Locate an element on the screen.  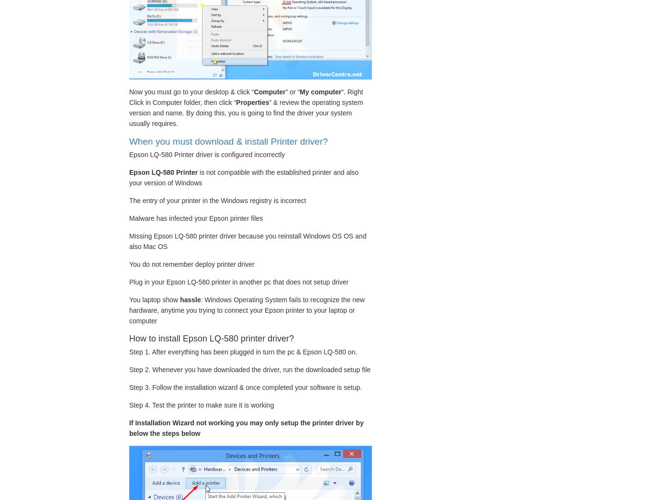
'When you must download & install Printer driver?' is located at coordinates (228, 140).